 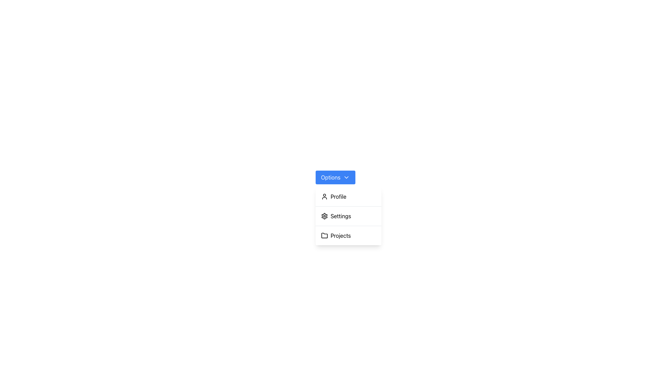 What do you see at coordinates (336, 177) in the screenshot?
I see `the 'Options' button, which is a rectangular button with a blue background and white text, located at the top of the dropdown menu interface` at bounding box center [336, 177].